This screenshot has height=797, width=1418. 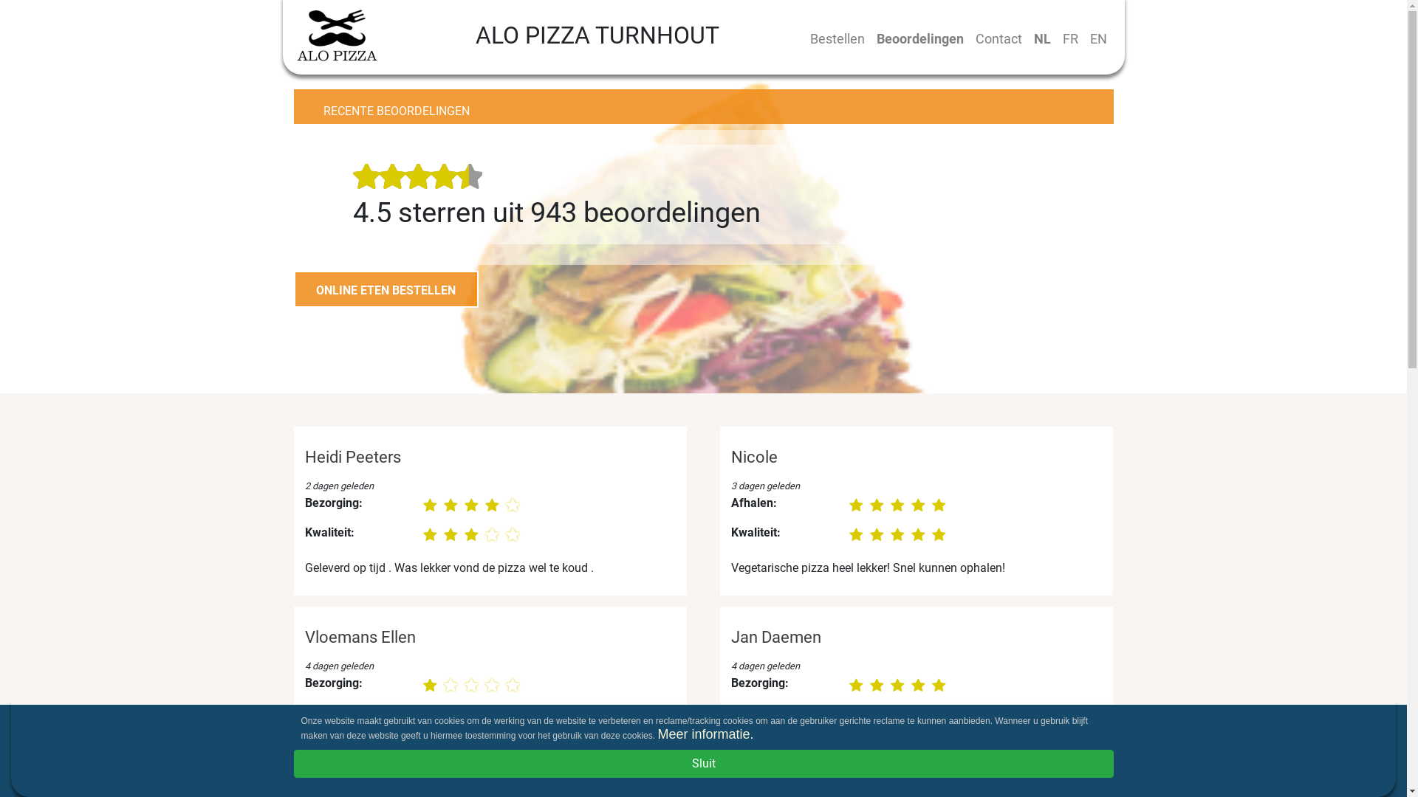 I want to click on 'FR', so click(x=1069, y=38).